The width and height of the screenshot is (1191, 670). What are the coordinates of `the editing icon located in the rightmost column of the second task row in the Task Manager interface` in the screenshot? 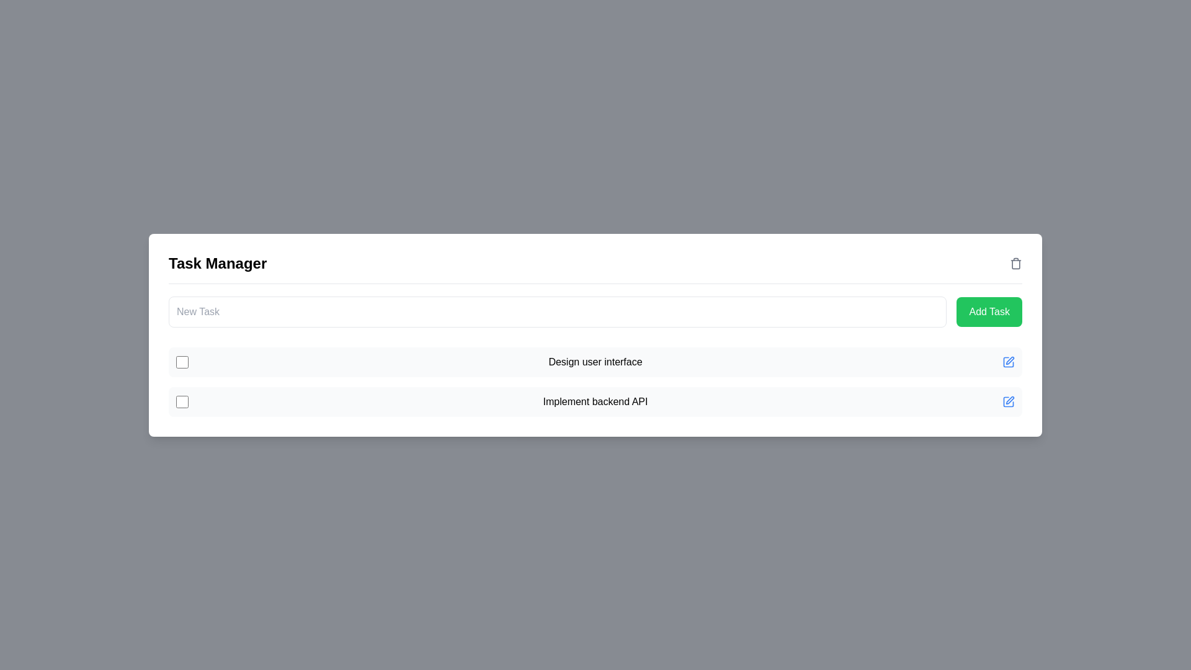 It's located at (1009, 361).